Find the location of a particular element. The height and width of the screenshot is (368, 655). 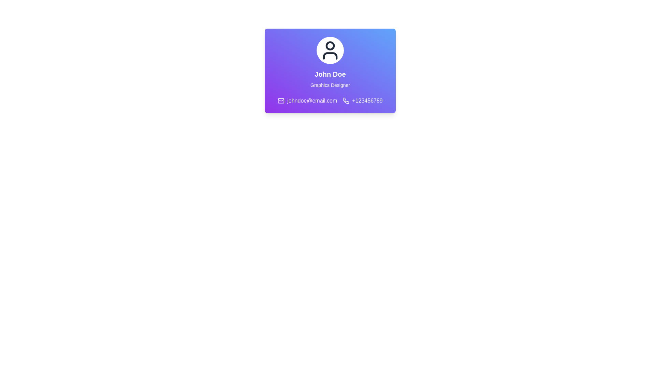

the phone icon, which is styled in line-art and located to the left of the phone number '+123456789' is located at coordinates (346, 101).